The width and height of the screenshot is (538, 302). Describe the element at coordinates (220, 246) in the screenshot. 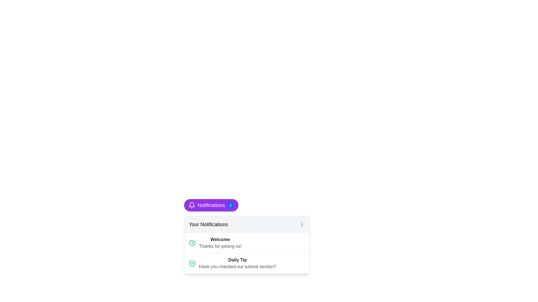

I see `the static text element displaying 'Thanks for joining us!' which is located beneath the 'Welcome' label in the notification card` at that location.